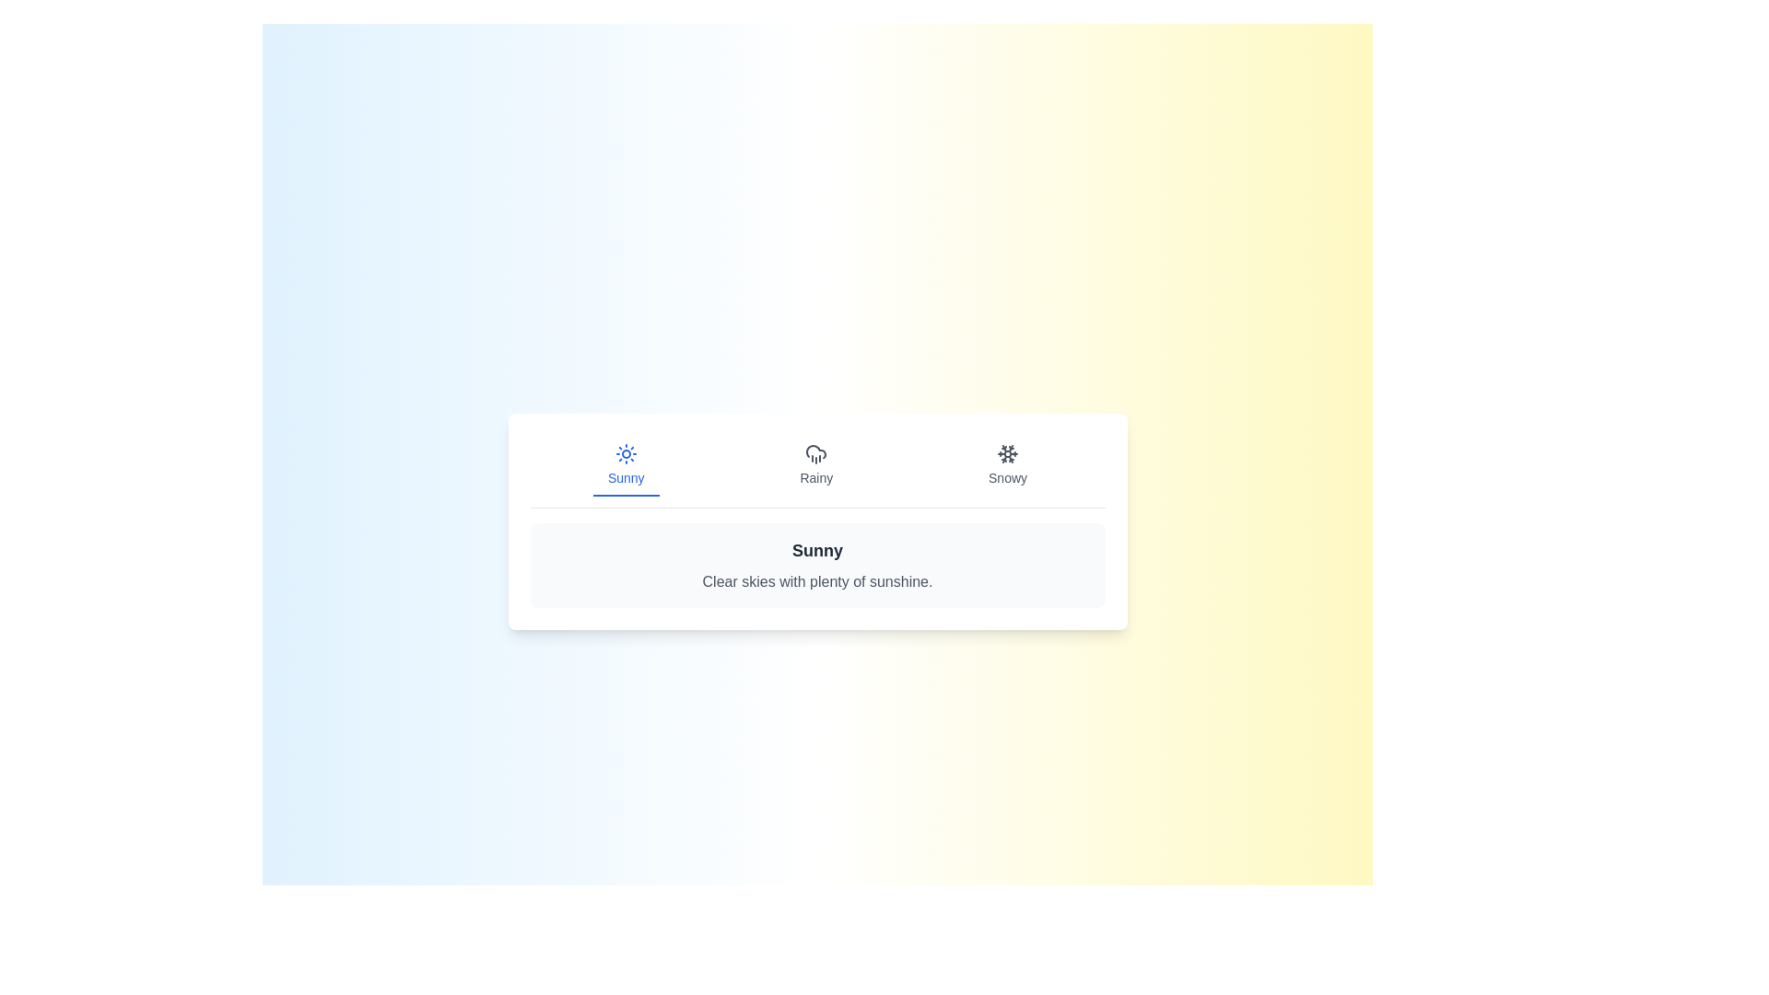  I want to click on the Sunny weather tab, so click(626, 464).